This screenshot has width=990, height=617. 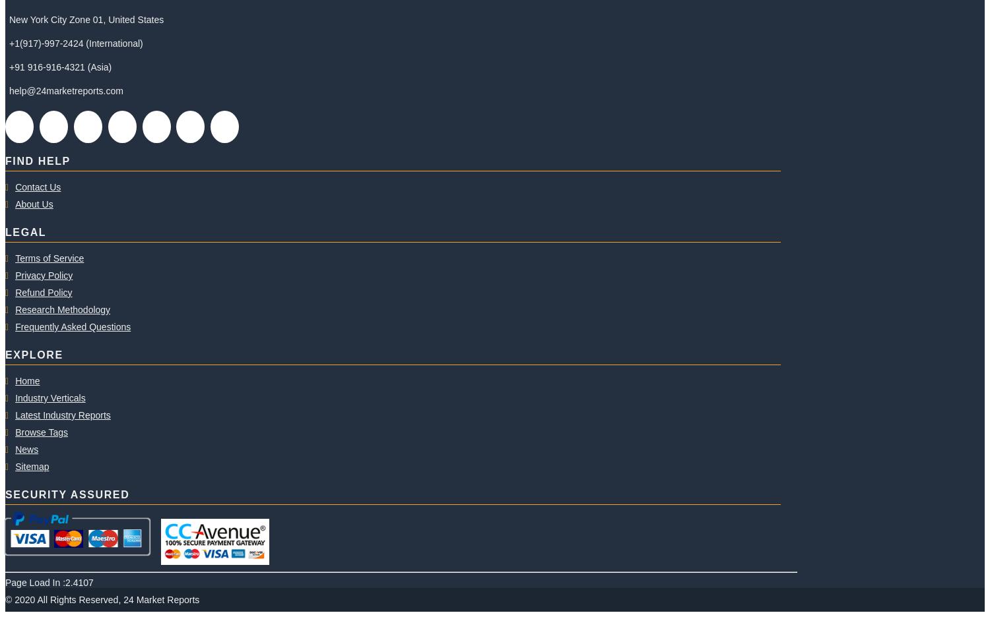 What do you see at coordinates (9, 43) in the screenshot?
I see `'+1(917)-997-2424 (International)'` at bounding box center [9, 43].